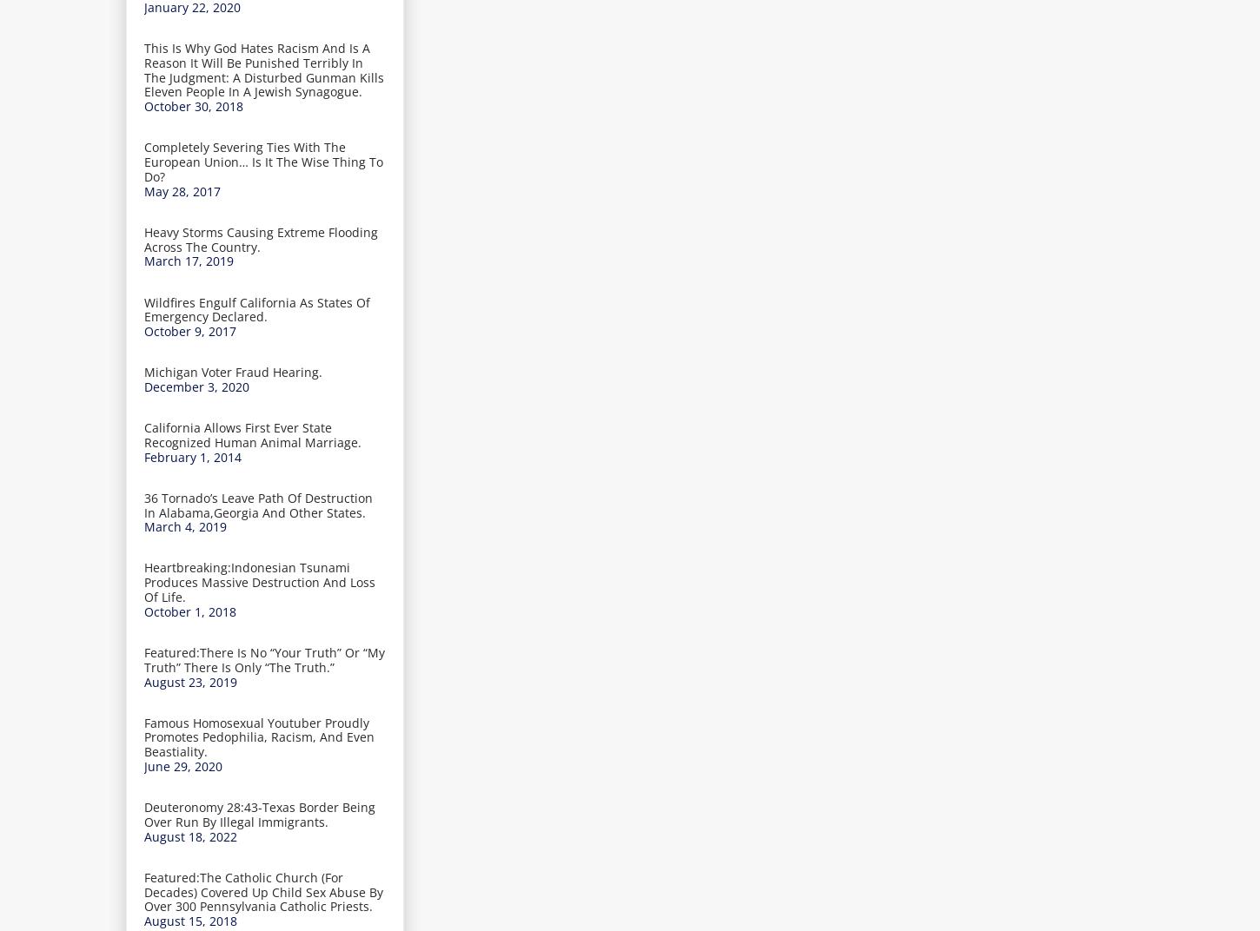 The image size is (1260, 931). I want to click on 'Famous Homosexual Youtuber Proudly Promotes Pedophilia, Racism, And Even Beastiality.', so click(259, 736).